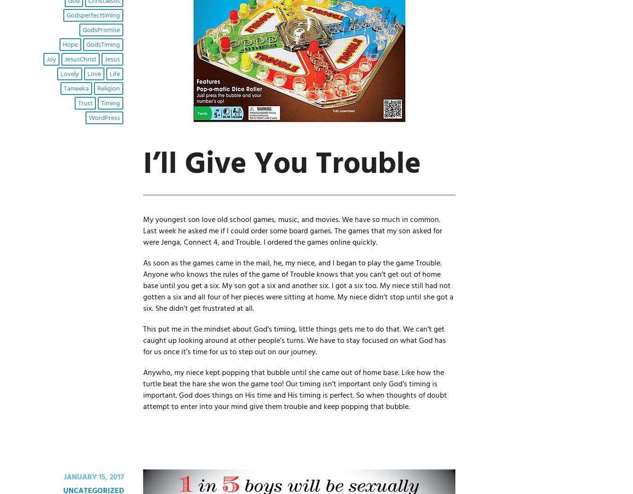 The image size is (633, 494). I want to click on 'I’ll Give You Trouble', so click(281, 164).